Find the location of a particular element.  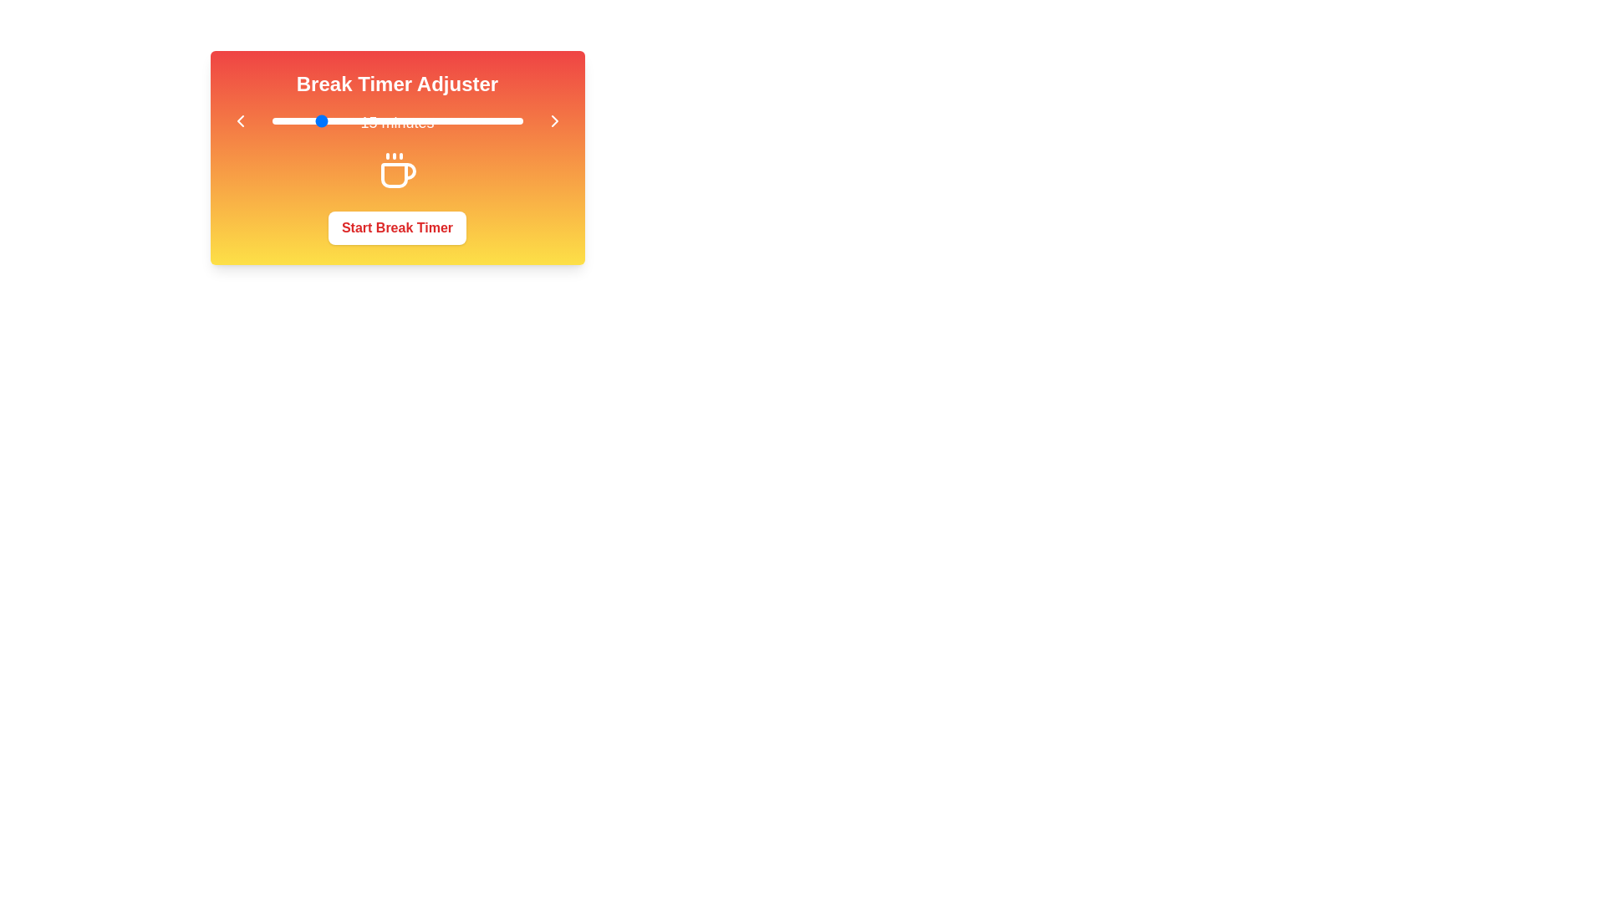

the slider to set the break duration to 19 minutes is located at coordinates (334, 120).